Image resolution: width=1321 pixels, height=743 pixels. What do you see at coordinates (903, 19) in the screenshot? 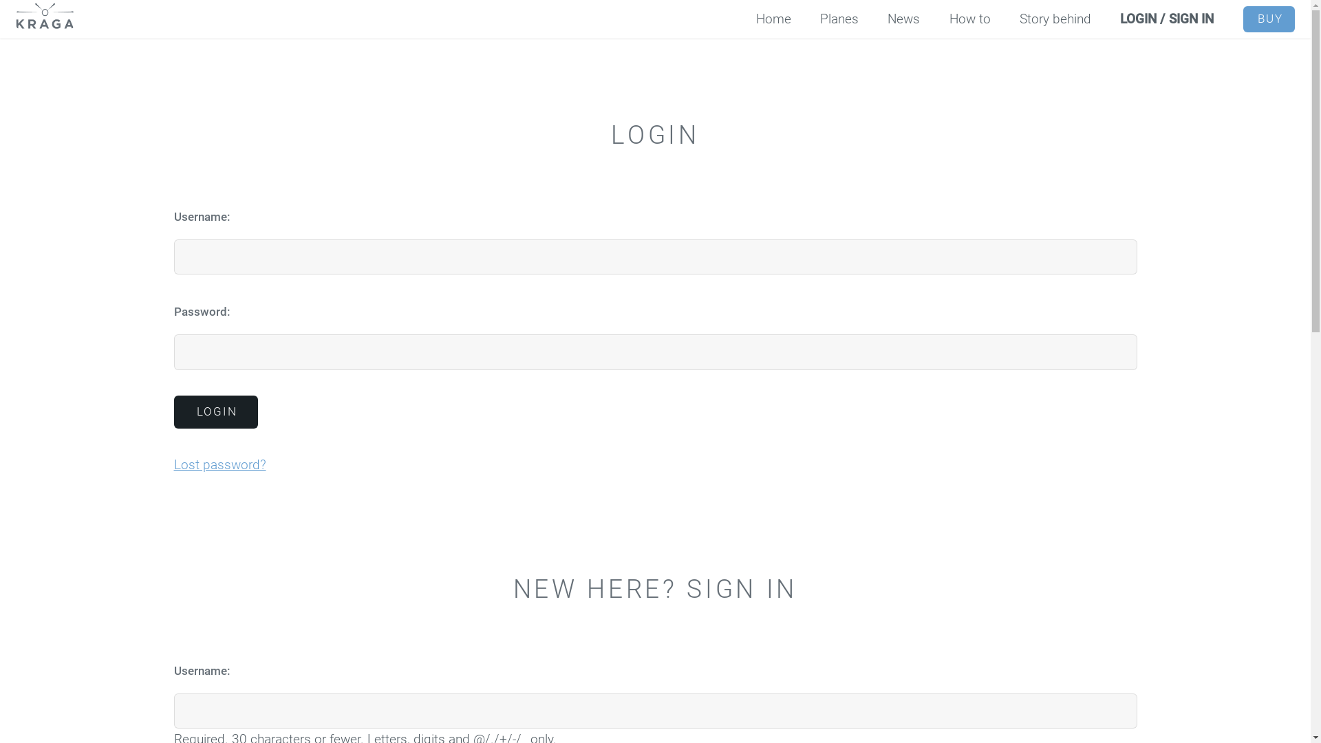
I see `'News'` at bounding box center [903, 19].